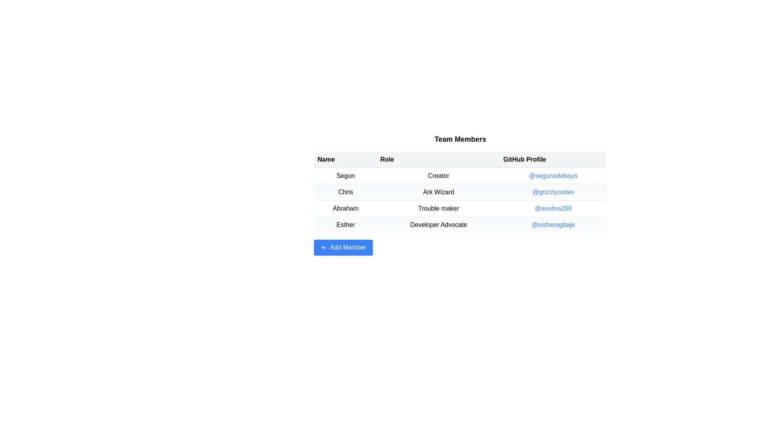  I want to click on the text element displaying the name 'Abraham', which is part of the team member details in the 'Name' column, situated between 'Chris' and 'Esther', so click(345, 208).